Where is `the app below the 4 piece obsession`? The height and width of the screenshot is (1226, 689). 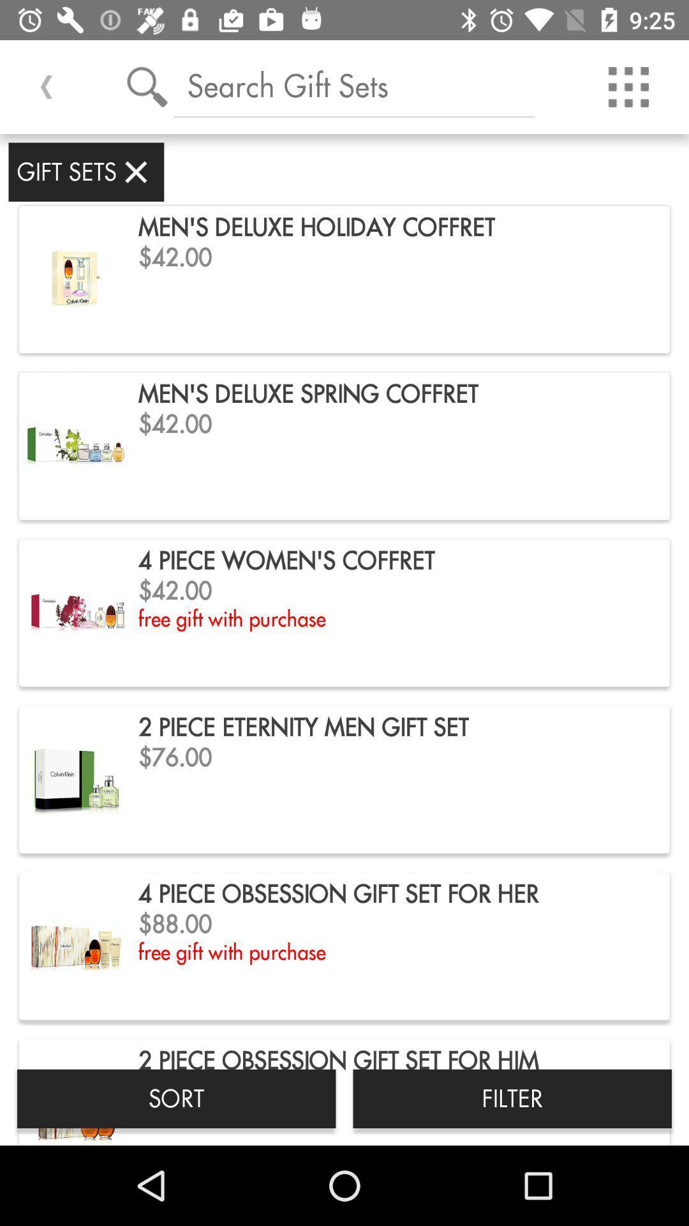
the app below the 4 piece obsession is located at coordinates (512, 1098).